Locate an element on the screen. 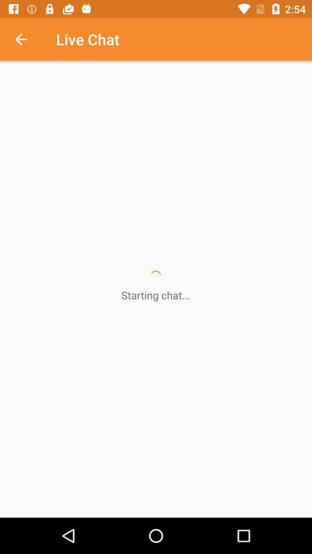  go back is located at coordinates (27, 39).